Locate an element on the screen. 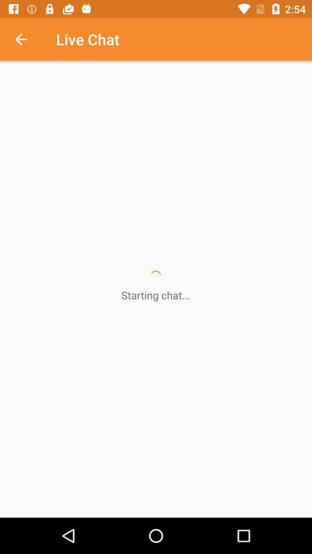  go back is located at coordinates (27, 39).